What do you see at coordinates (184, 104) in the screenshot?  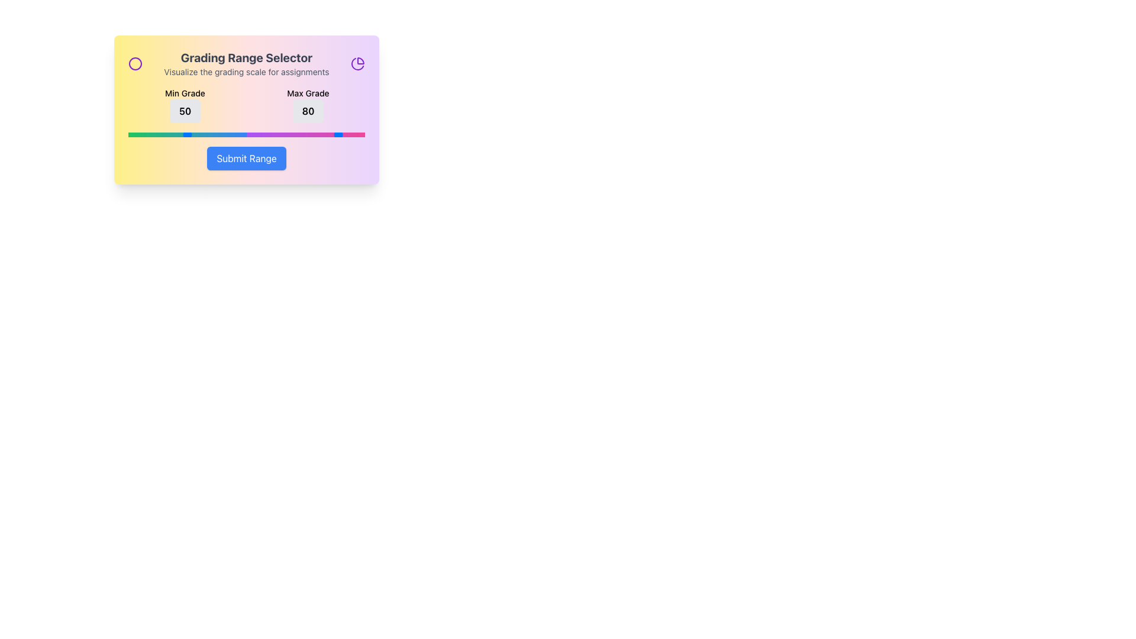 I see `the 'Min Grade' label that displays the bold number '50' on a light gray background with rounded corners, located under the 'Grading Range Selector' heading` at bounding box center [184, 104].